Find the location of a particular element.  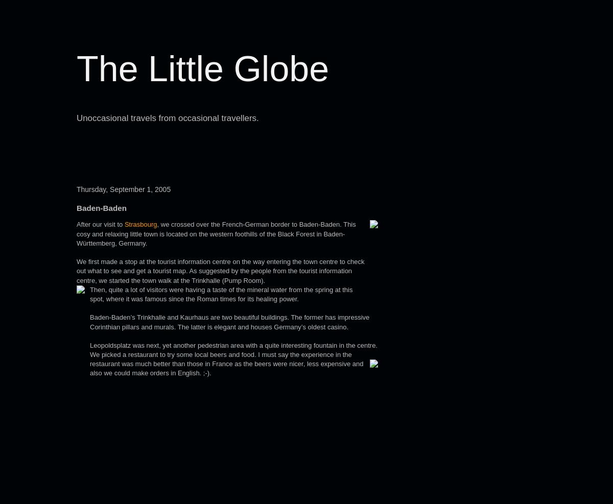

'Baden-Baden’s Trinkhalle and Kaurhaus are two beautiful buildings. The former has impressive Corinthian pillars and murals. The latter is elegant and houses Germany’s oldest casino.' is located at coordinates (229, 321).